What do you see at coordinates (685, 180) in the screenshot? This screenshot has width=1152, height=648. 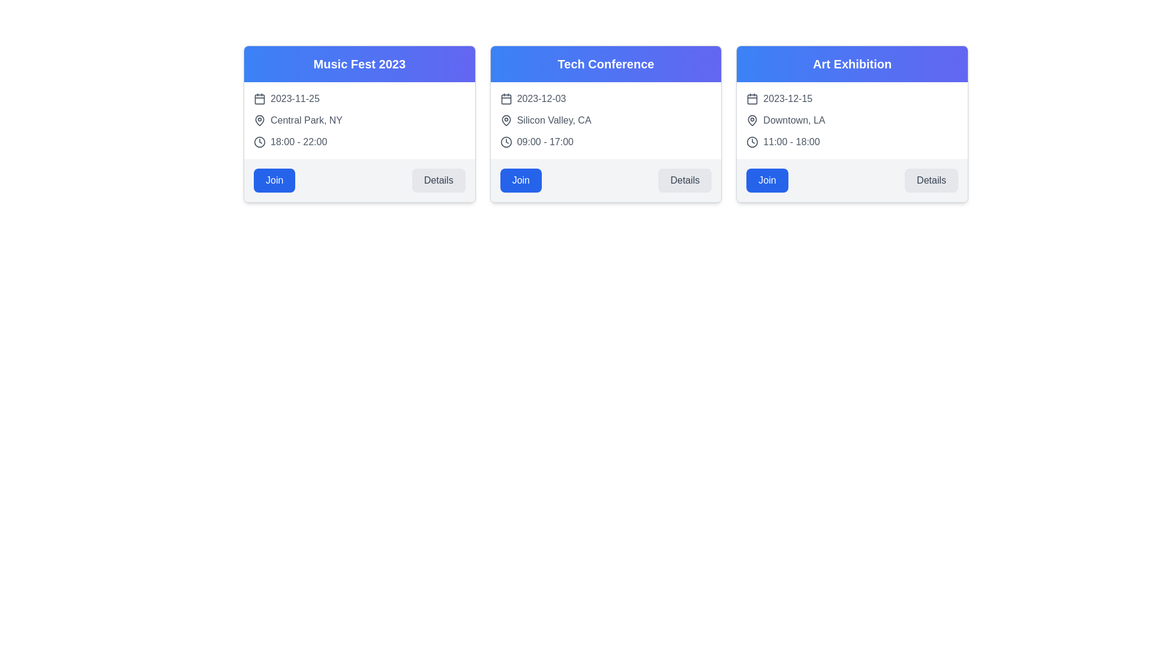 I see `the button in the lower-right corner of the 'Tech Conference' card` at bounding box center [685, 180].